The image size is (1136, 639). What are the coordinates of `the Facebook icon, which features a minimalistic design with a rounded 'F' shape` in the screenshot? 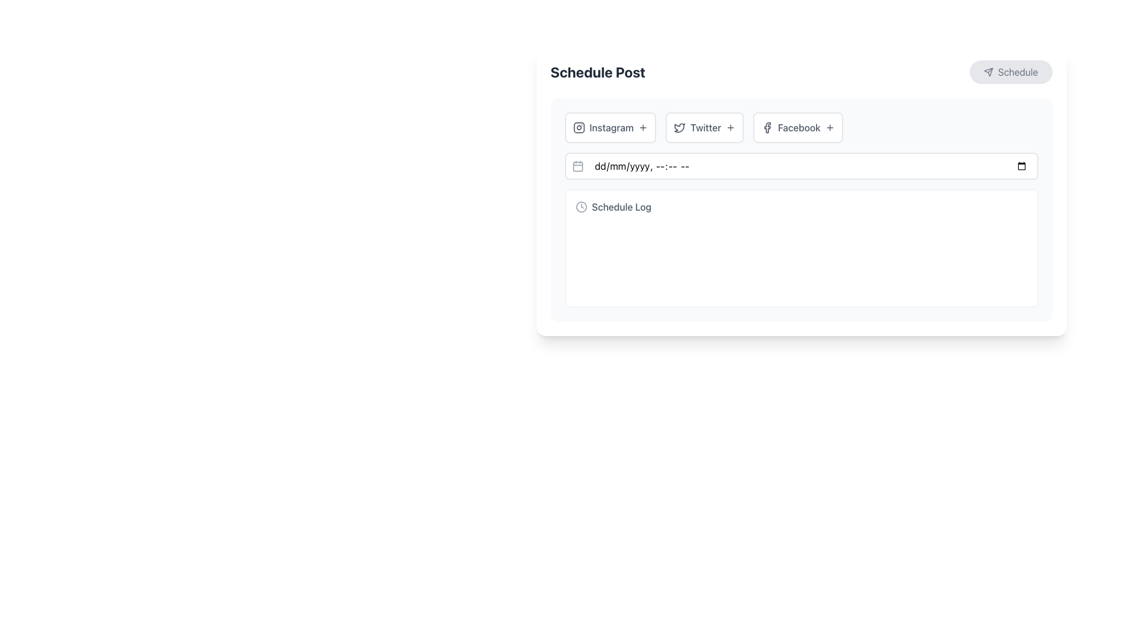 It's located at (767, 128).